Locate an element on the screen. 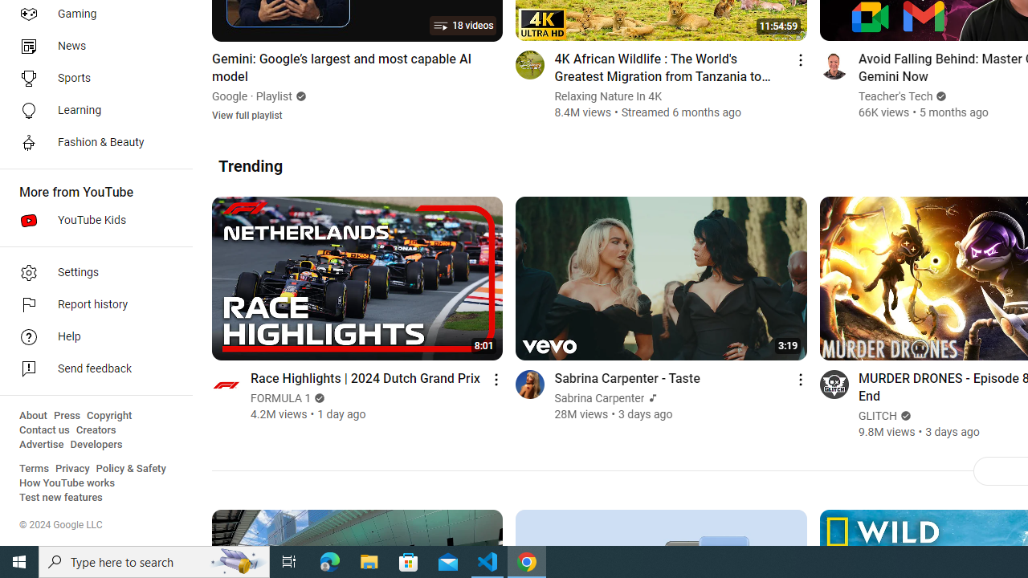 The image size is (1028, 578). 'Copyright' is located at coordinates (108, 415).